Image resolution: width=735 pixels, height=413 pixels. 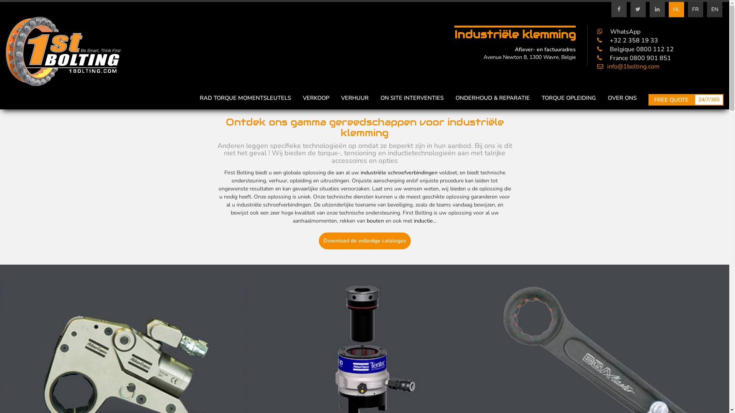 What do you see at coordinates (569, 97) in the screenshot?
I see `'TORQUE OPLEIDING'` at bounding box center [569, 97].